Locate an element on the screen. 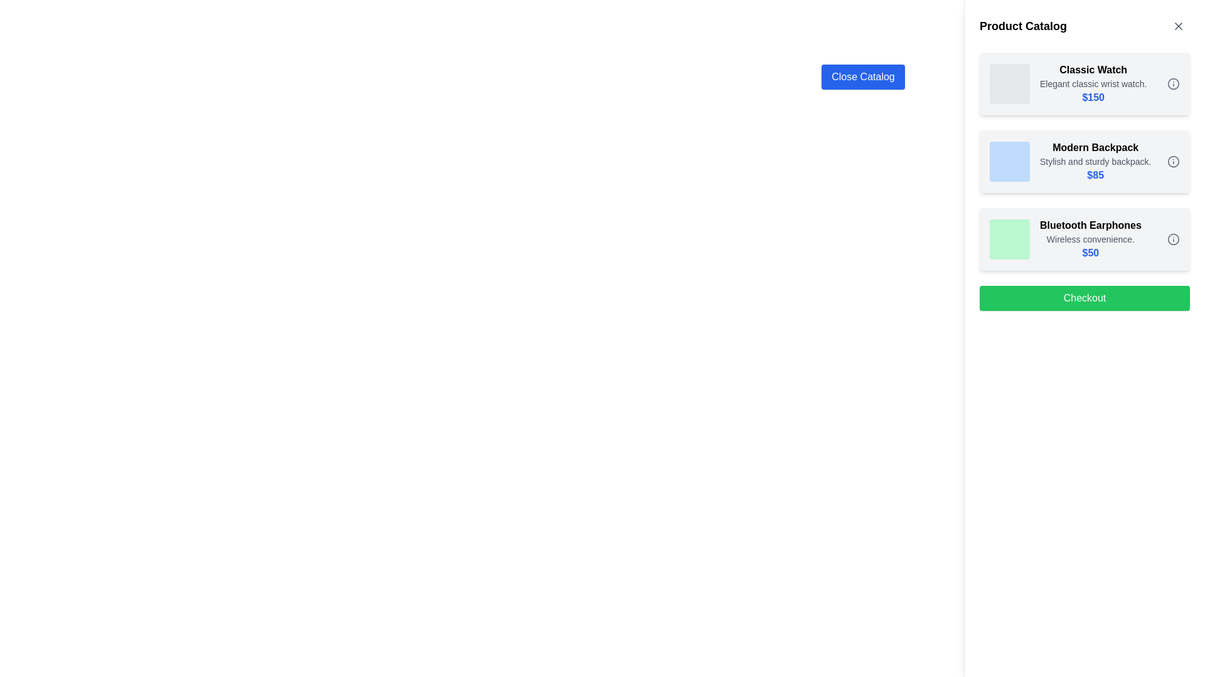  information provided by the text label displaying 'Wireless convenience.' located beneath the title 'Bluetooth Earphones' and above the price '$50' in the product card is located at coordinates (1090, 239).